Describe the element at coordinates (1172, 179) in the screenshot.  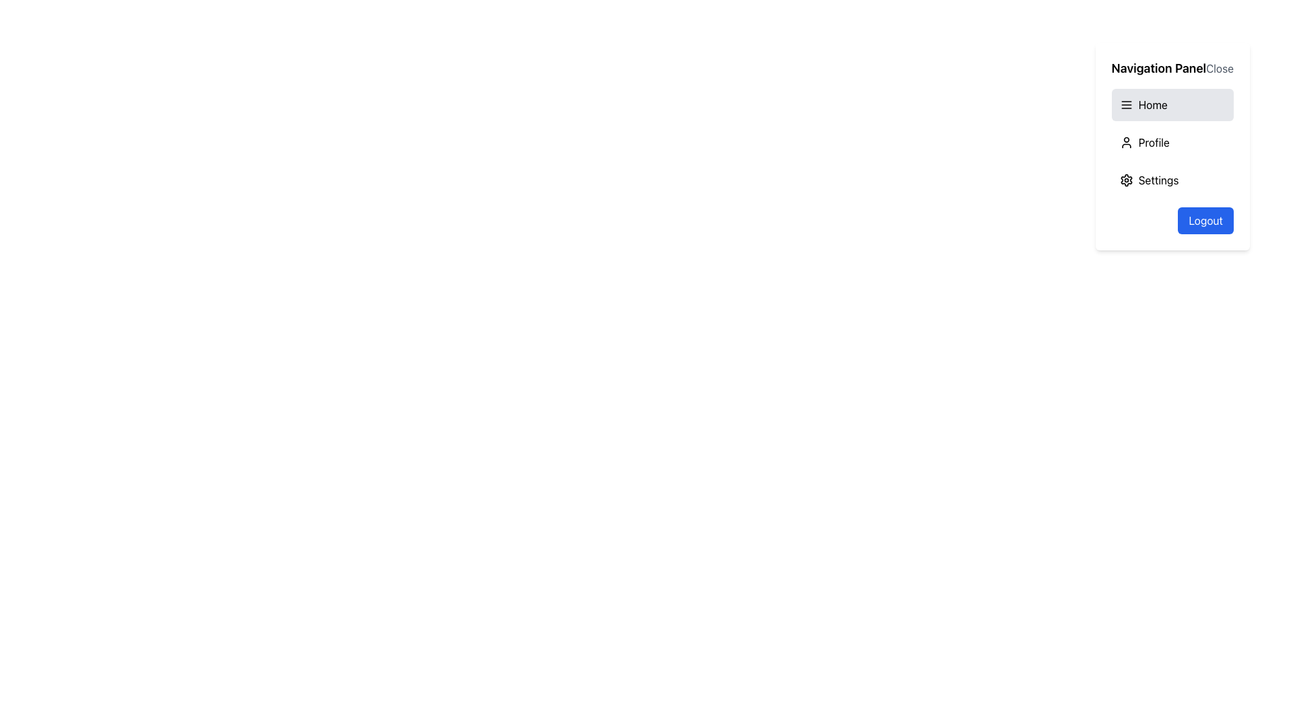
I see `the 'Settings' text element with a settings icon` at that location.